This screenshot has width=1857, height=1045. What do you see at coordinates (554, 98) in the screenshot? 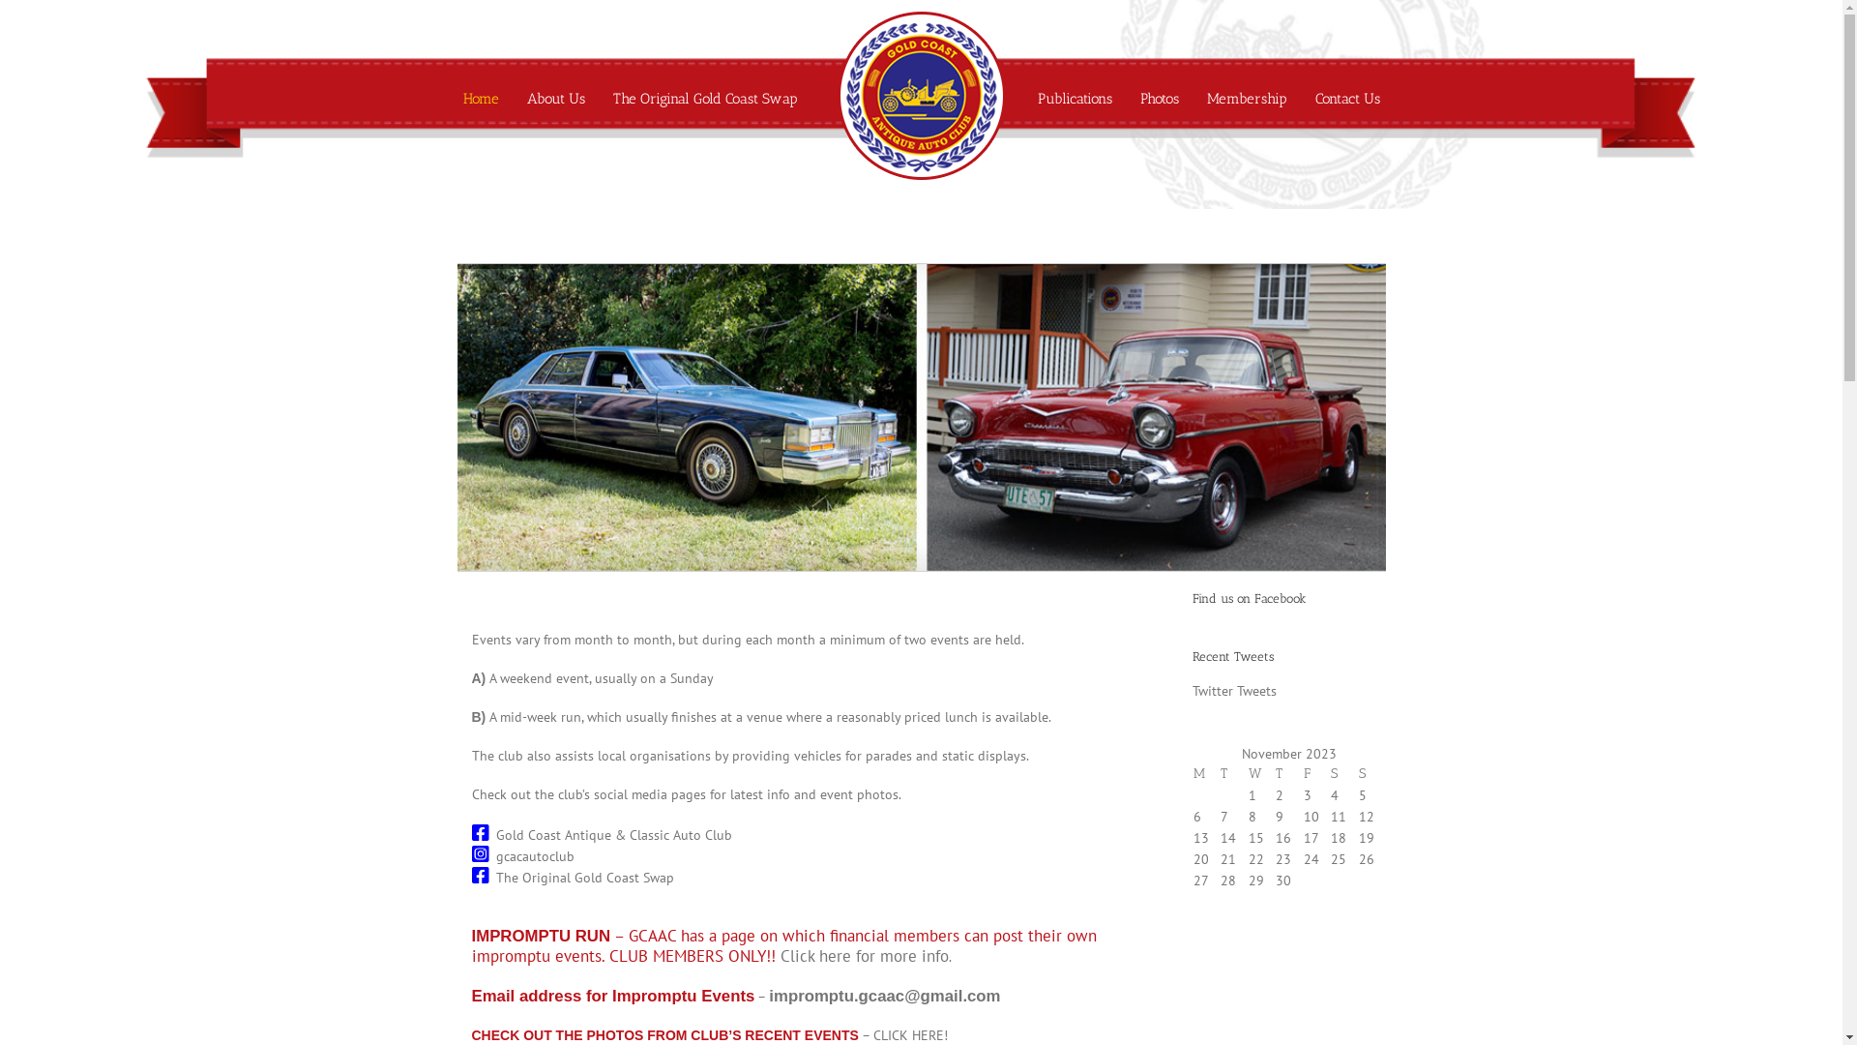
I see `'About Us'` at bounding box center [554, 98].